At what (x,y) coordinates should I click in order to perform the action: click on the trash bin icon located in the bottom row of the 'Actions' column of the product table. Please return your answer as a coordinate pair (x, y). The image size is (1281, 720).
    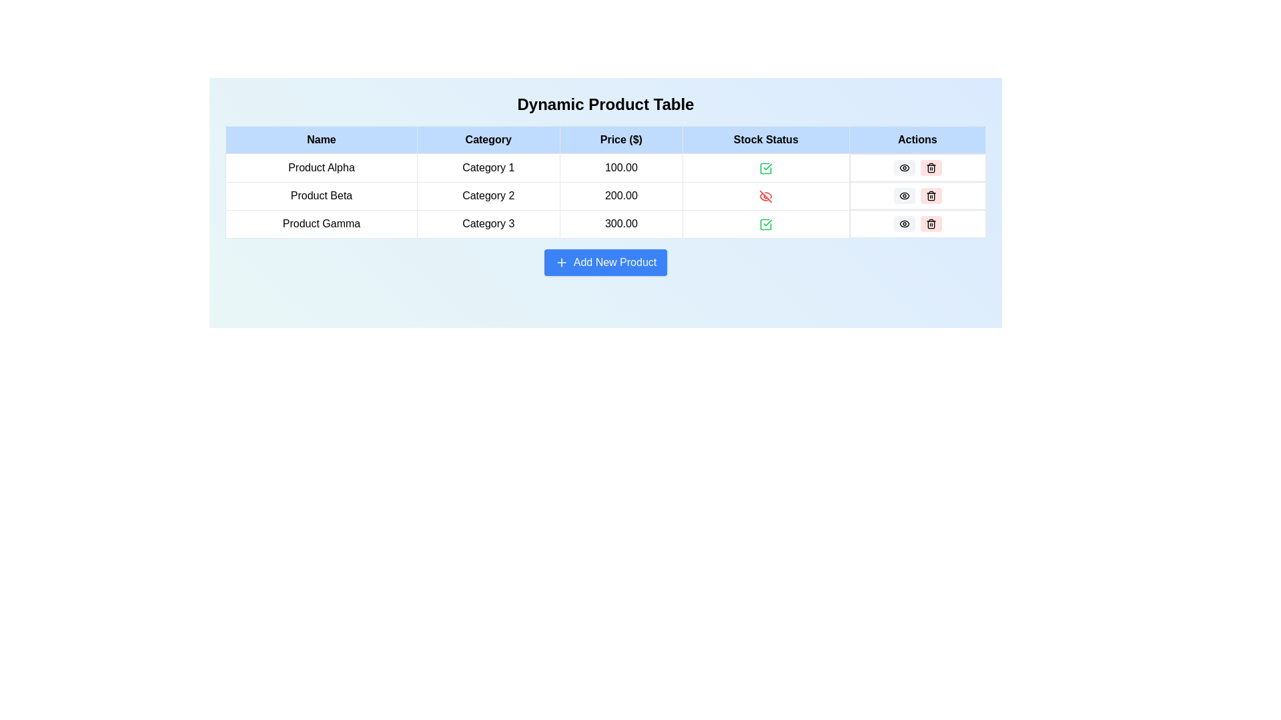
    Looking at the image, I should click on (930, 223).